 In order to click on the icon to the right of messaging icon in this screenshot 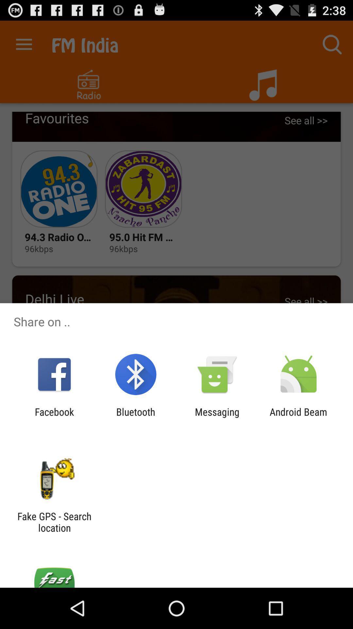, I will do `click(298, 417)`.